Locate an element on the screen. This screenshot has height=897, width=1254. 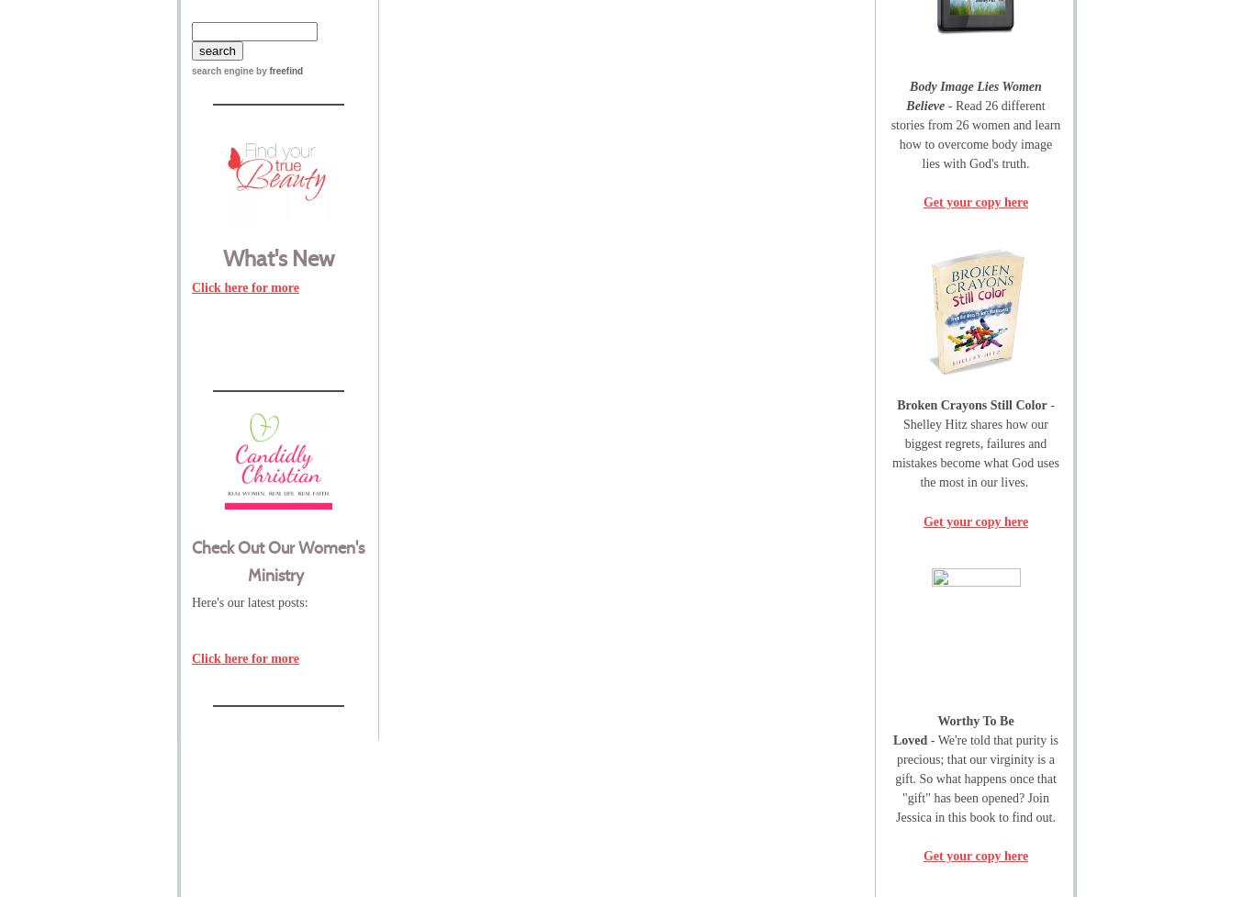
'iggest regrets, failures and mistakes become what God uses the most in our lives.' is located at coordinates (974, 462).